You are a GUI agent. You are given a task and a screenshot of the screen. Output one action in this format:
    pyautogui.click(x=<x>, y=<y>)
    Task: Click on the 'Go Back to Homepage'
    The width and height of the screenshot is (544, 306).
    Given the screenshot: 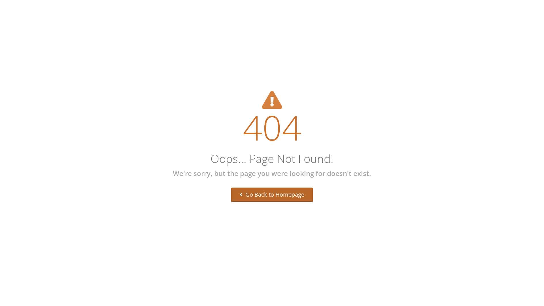 What is the action you would take?
    pyautogui.click(x=272, y=194)
    